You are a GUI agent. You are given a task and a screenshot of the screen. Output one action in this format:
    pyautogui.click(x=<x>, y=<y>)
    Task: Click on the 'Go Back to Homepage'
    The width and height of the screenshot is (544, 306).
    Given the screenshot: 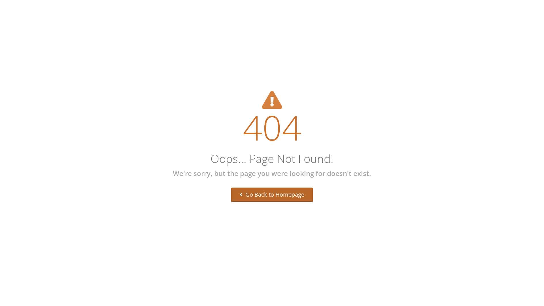 What is the action you would take?
    pyautogui.click(x=272, y=194)
    